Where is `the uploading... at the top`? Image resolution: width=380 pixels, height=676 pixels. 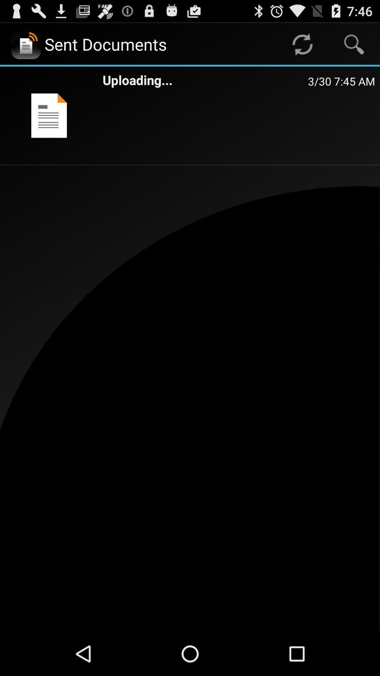 the uploading... at the top is located at coordinates (205, 80).